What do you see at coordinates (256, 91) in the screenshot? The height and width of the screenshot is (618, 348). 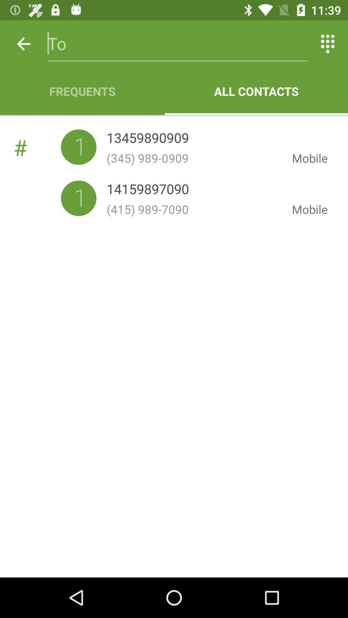 I see `icon next to the frequents item` at bounding box center [256, 91].